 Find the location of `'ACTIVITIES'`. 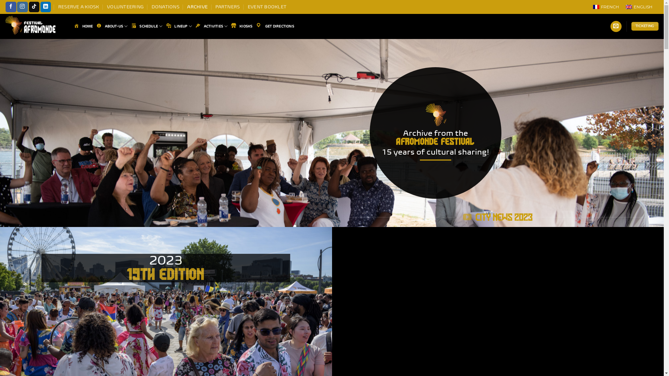

'ACTIVITIES' is located at coordinates (211, 26).